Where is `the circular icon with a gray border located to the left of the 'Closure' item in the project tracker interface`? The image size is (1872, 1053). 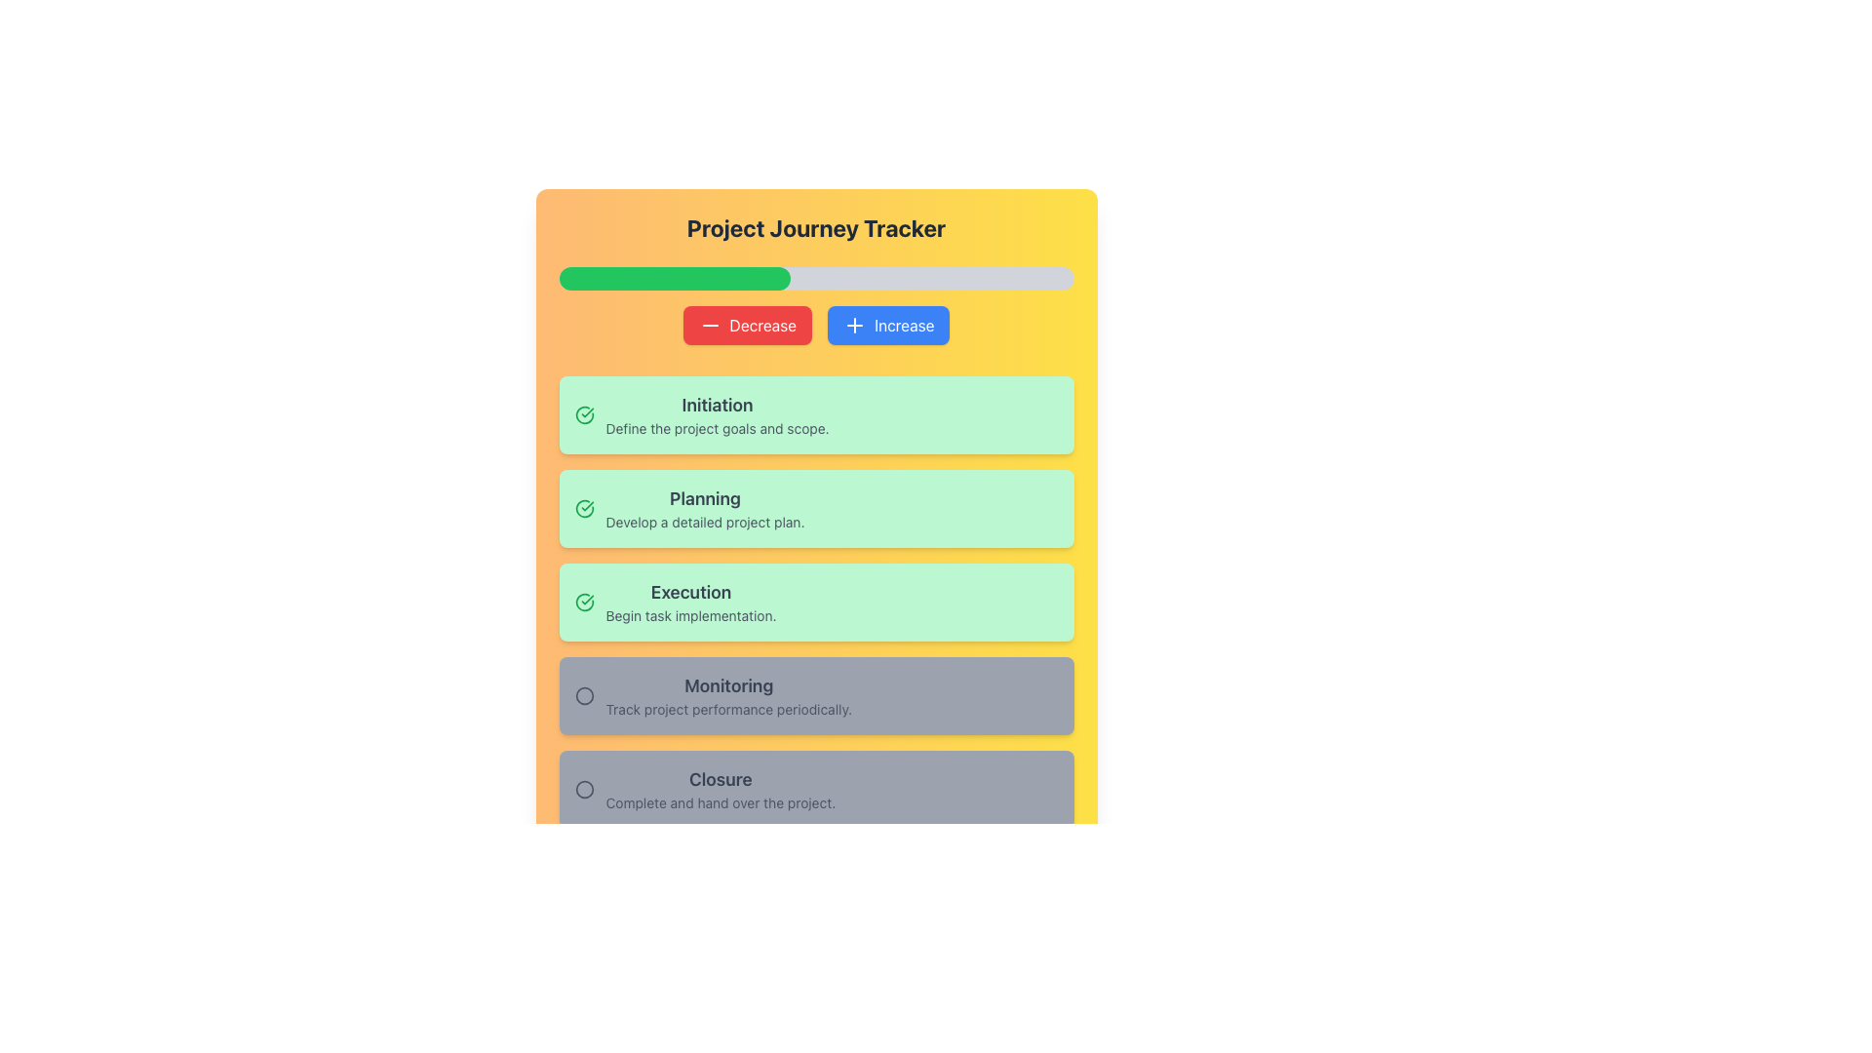 the circular icon with a gray border located to the left of the 'Closure' item in the project tracker interface is located at coordinates (583, 790).